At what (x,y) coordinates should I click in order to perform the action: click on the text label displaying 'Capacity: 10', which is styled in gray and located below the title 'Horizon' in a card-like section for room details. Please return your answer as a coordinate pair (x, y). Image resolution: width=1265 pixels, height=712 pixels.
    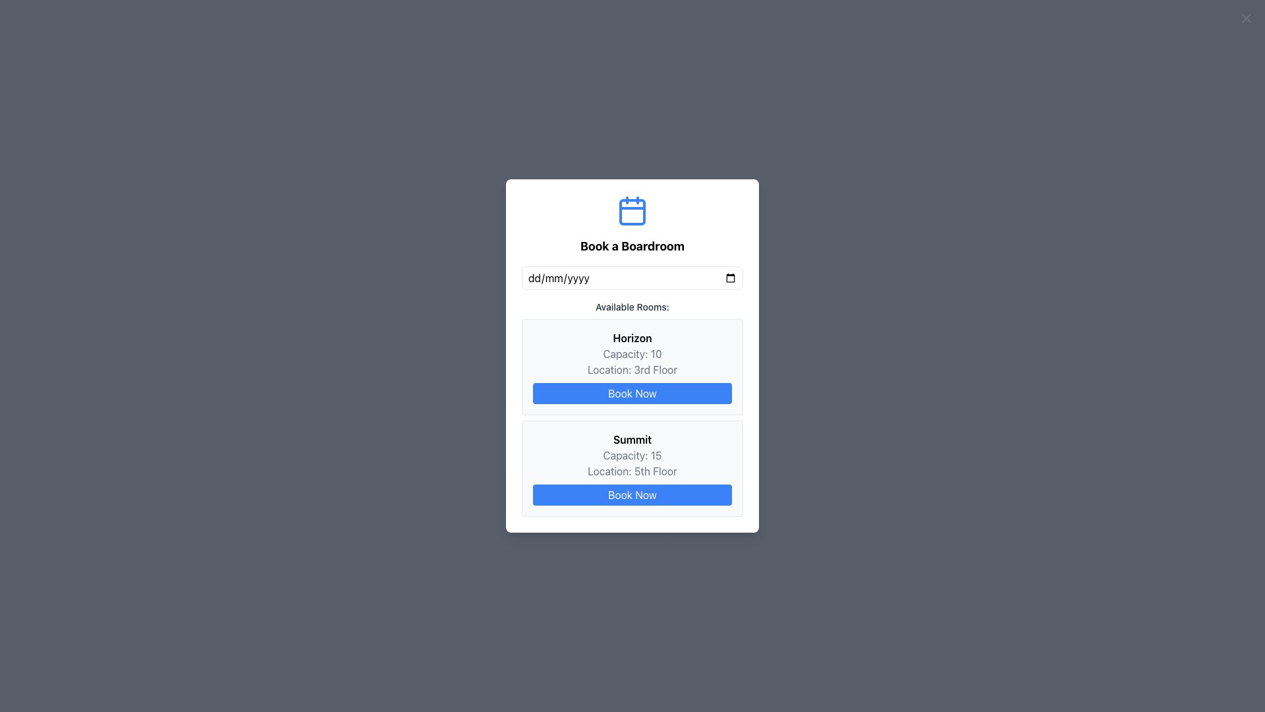
    Looking at the image, I should click on (632, 353).